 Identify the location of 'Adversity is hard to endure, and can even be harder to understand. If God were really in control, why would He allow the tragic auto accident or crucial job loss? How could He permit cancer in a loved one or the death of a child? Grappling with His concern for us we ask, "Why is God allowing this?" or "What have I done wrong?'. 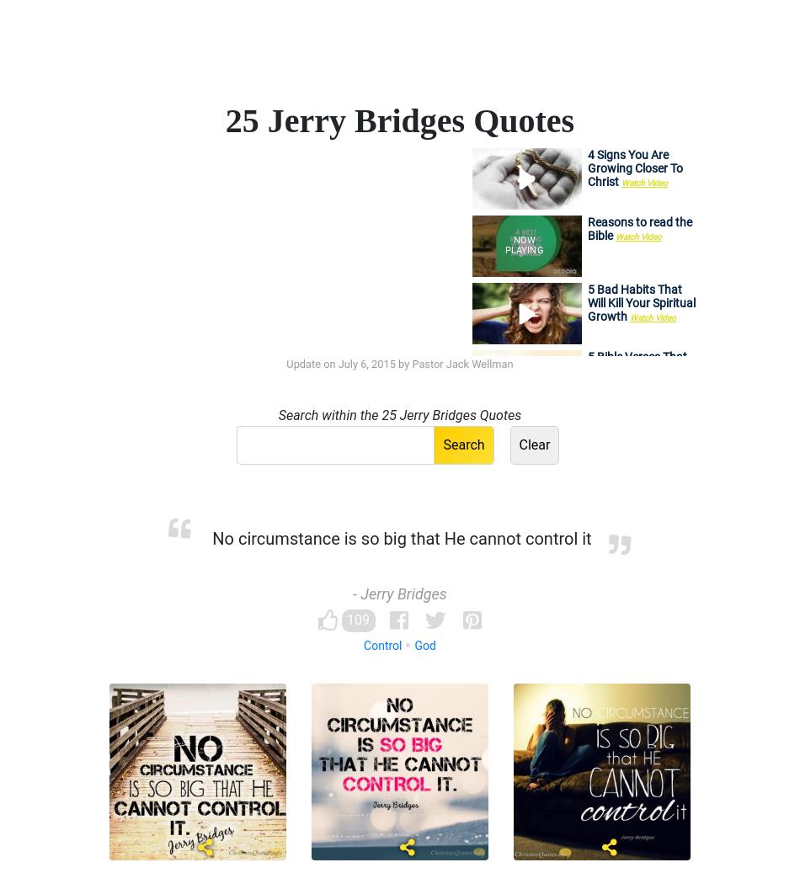
(398, 767).